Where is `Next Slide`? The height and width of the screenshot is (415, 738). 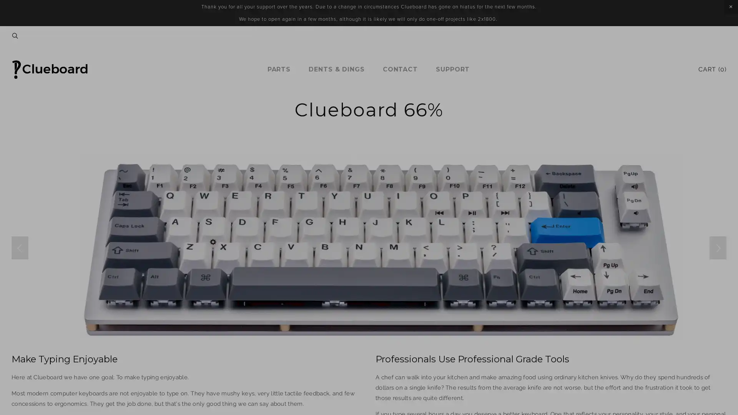 Next Slide is located at coordinates (717, 247).